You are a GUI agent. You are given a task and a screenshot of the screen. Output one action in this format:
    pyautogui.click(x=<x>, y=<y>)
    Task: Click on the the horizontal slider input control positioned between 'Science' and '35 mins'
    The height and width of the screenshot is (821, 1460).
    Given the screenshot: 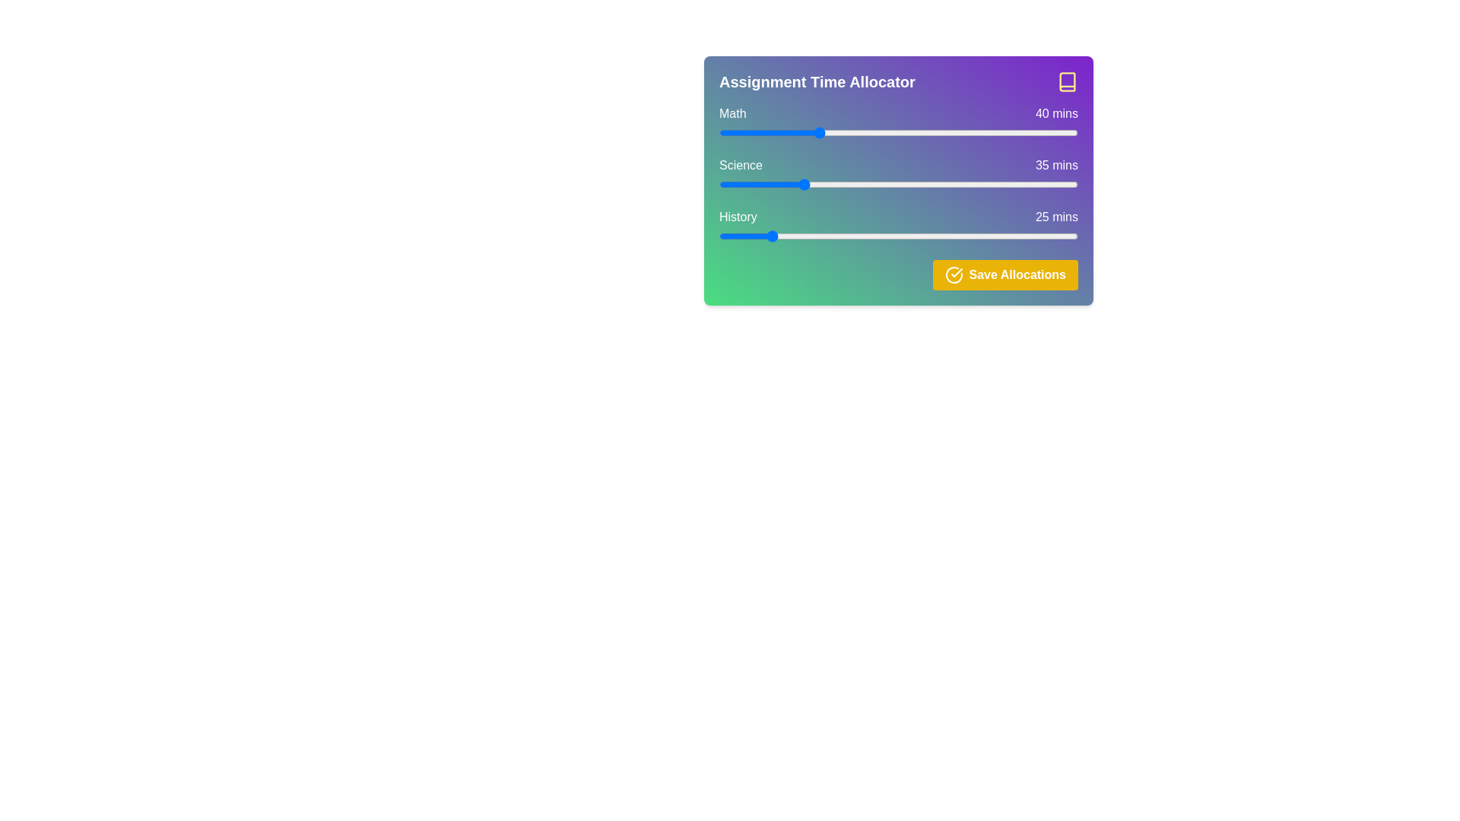 What is the action you would take?
    pyautogui.click(x=898, y=174)
    